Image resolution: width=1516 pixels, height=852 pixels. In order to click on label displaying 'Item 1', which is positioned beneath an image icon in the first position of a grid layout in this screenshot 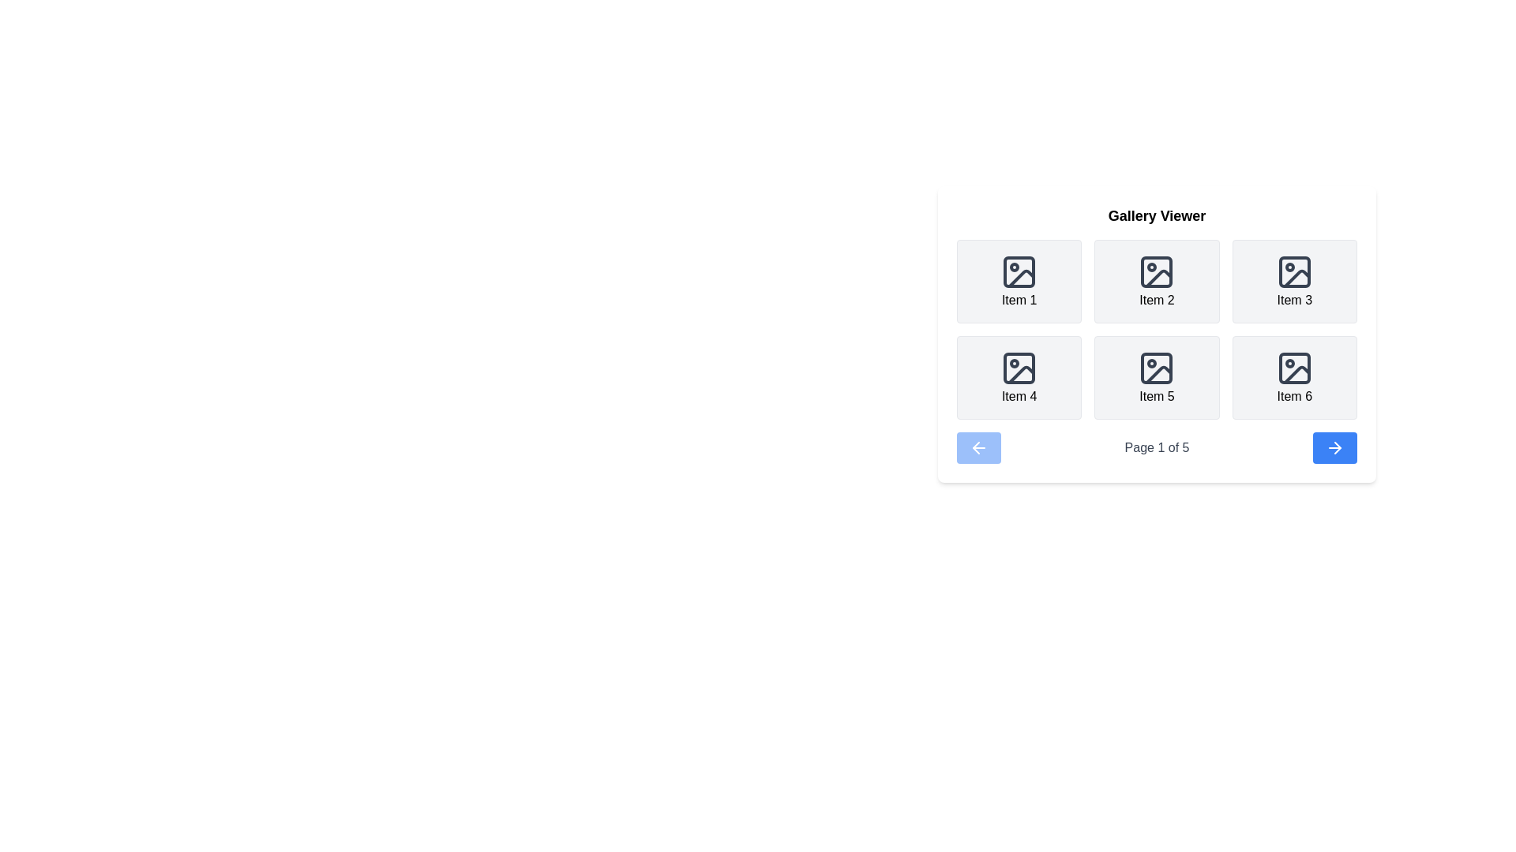, I will do `click(1019, 301)`.